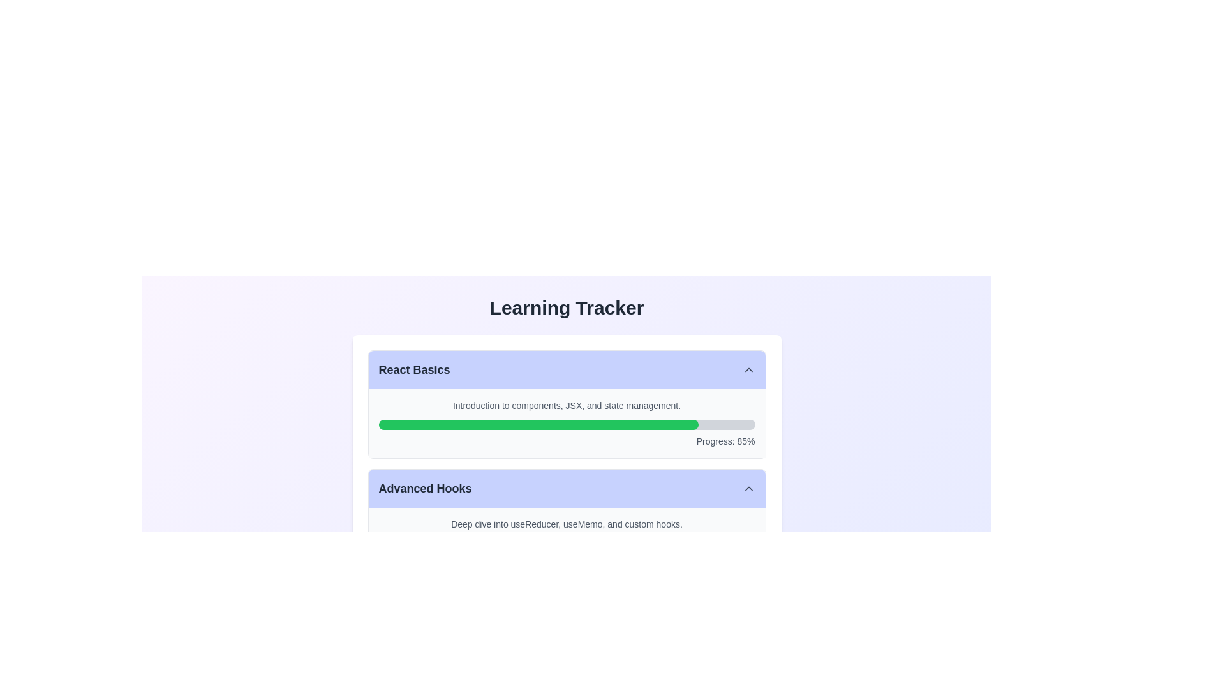  What do you see at coordinates (566, 425) in the screenshot?
I see `the progress bar indicating 85% completion, located below the text 'Introduction to components, JSX, and state management.' and above 'Progress: 85%' in the 'React Basics' section` at bounding box center [566, 425].